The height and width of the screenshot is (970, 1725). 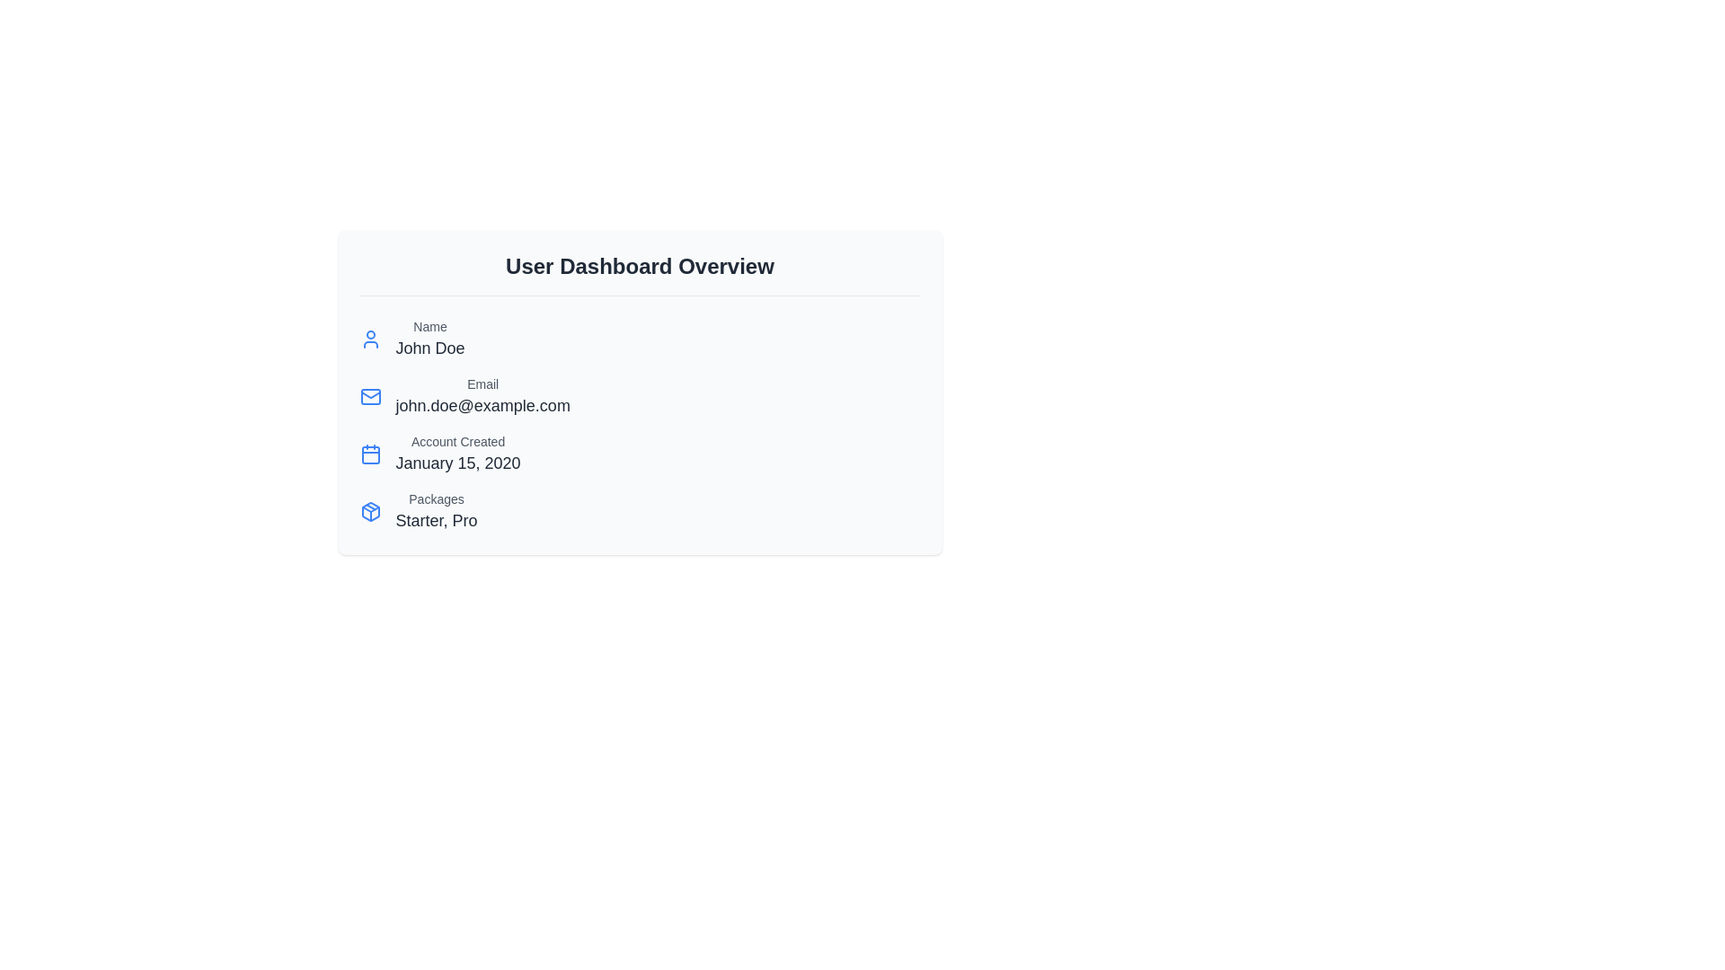 I want to click on the Text label indicating the user's selected packages, which is located below the 'Packages' label in the user information card, so click(x=436, y=520).